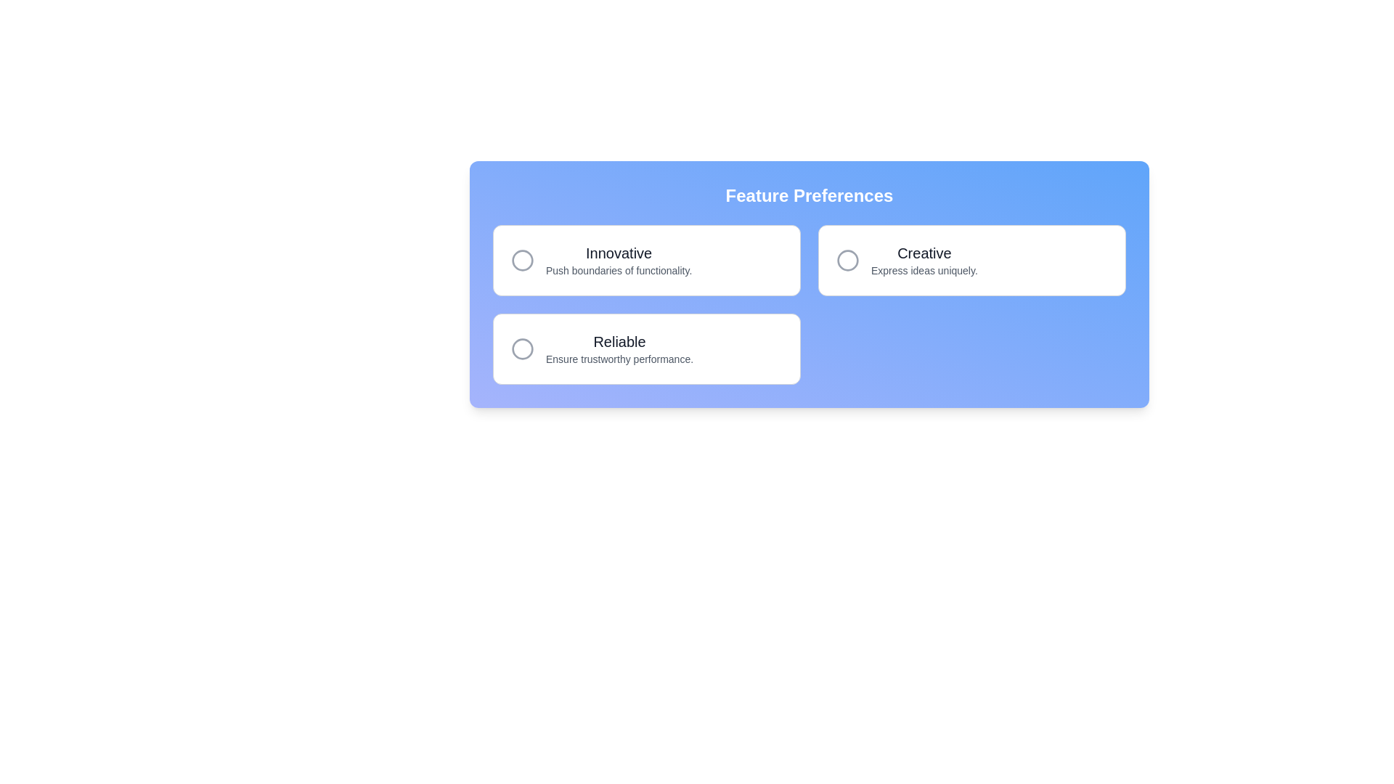 Image resolution: width=1394 pixels, height=784 pixels. Describe the element at coordinates (619, 349) in the screenshot. I see `descriptive text of the 'Reliable' Text Label located in the lower left quadrant of the 'Feature Preferences' section, which includes the text 'Ensure trustworthy performance.'` at that location.